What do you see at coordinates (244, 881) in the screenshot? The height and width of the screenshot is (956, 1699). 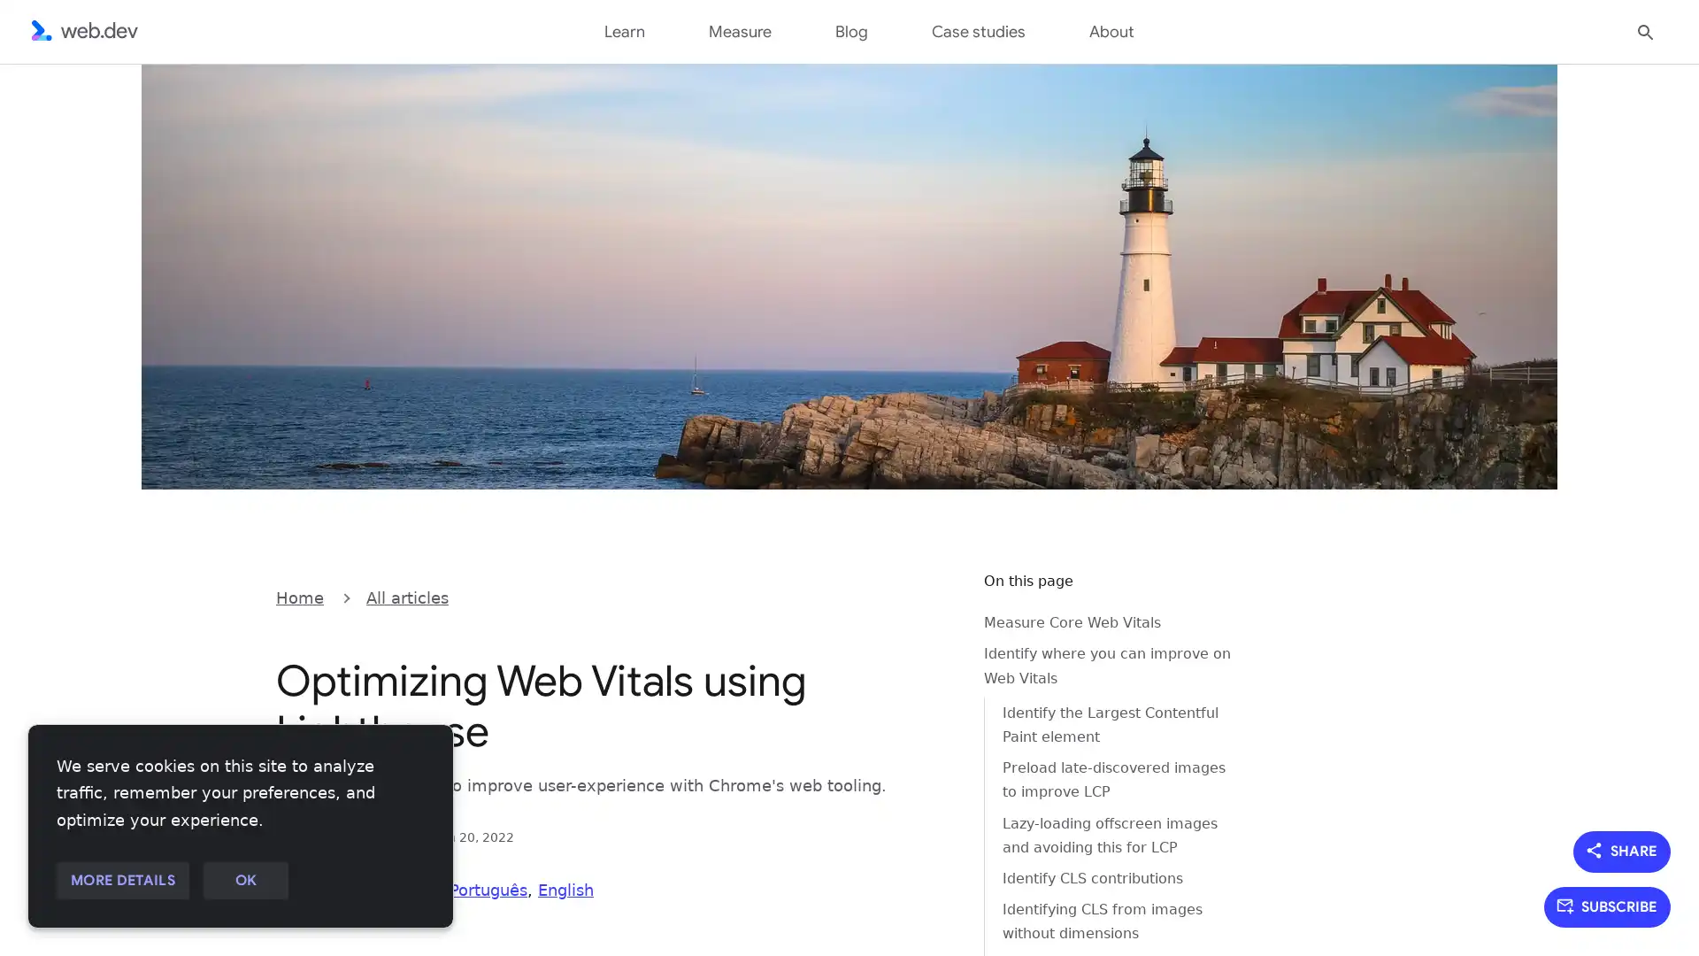 I see `OK` at bounding box center [244, 881].